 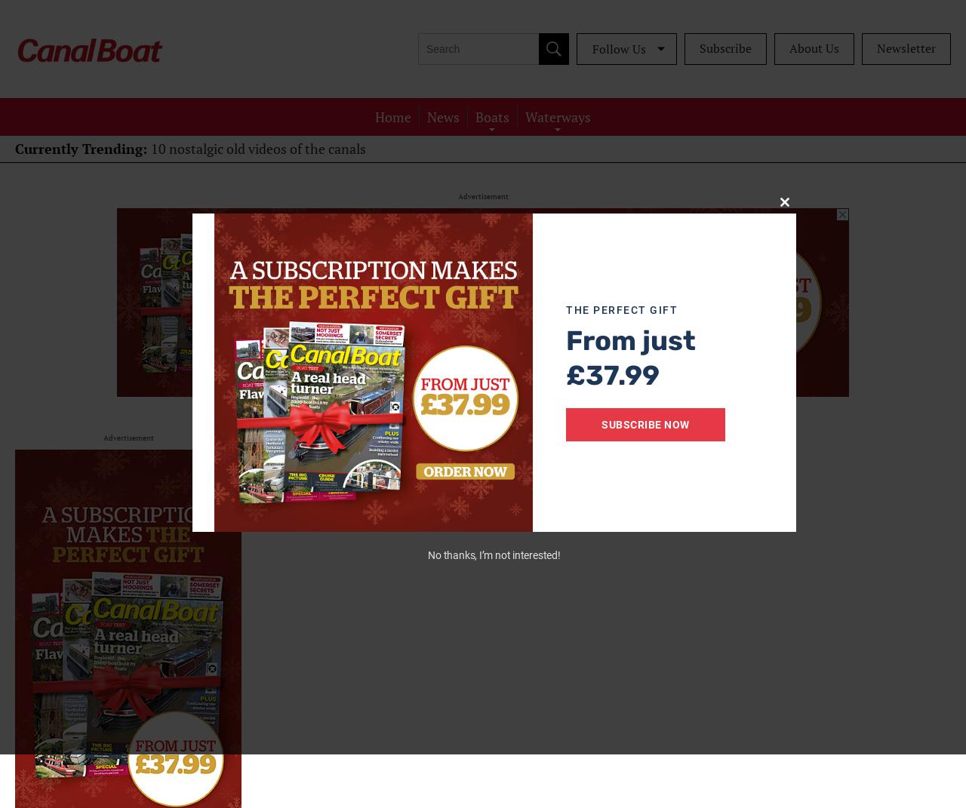 I want to click on 'Expert Advice', so click(x=492, y=176).